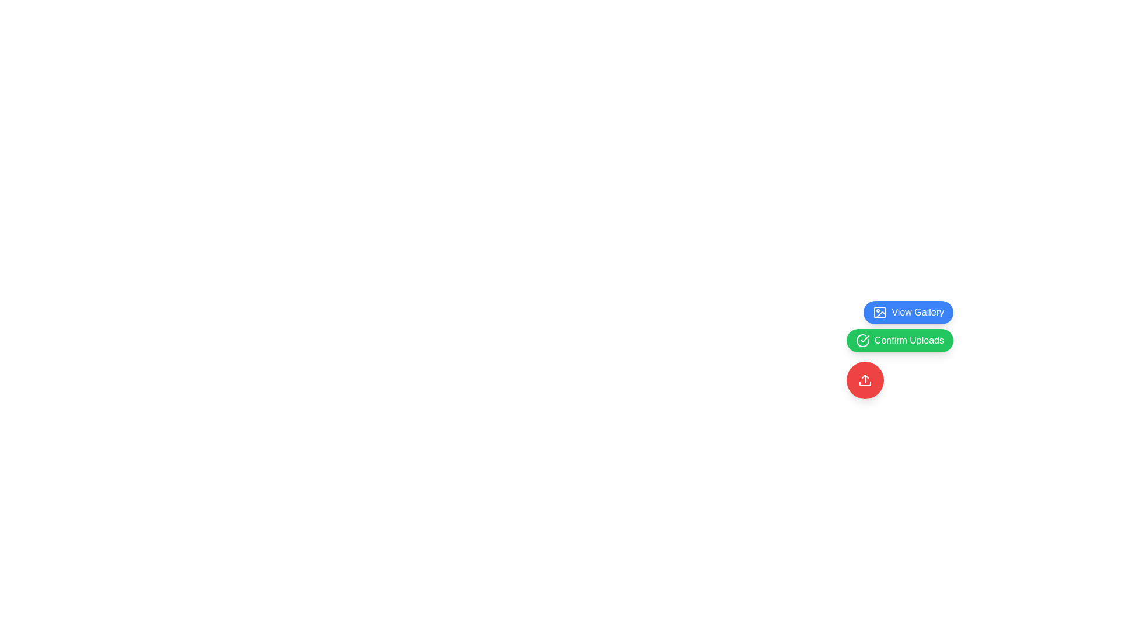 The image size is (1121, 630). Describe the element at coordinates (865, 380) in the screenshot. I see `the upload button located at the bottom-right of the interface, below the 'Confirm Uploads' green button` at that location.